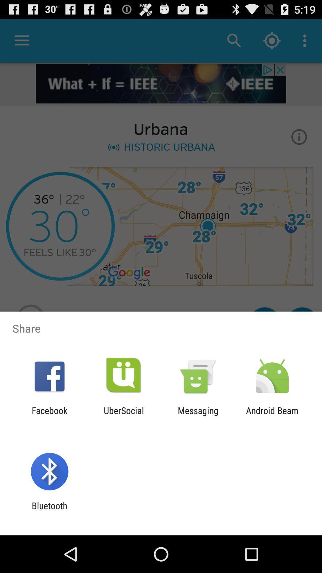 The image size is (322, 573). What do you see at coordinates (272, 415) in the screenshot?
I see `item next to the messaging item` at bounding box center [272, 415].